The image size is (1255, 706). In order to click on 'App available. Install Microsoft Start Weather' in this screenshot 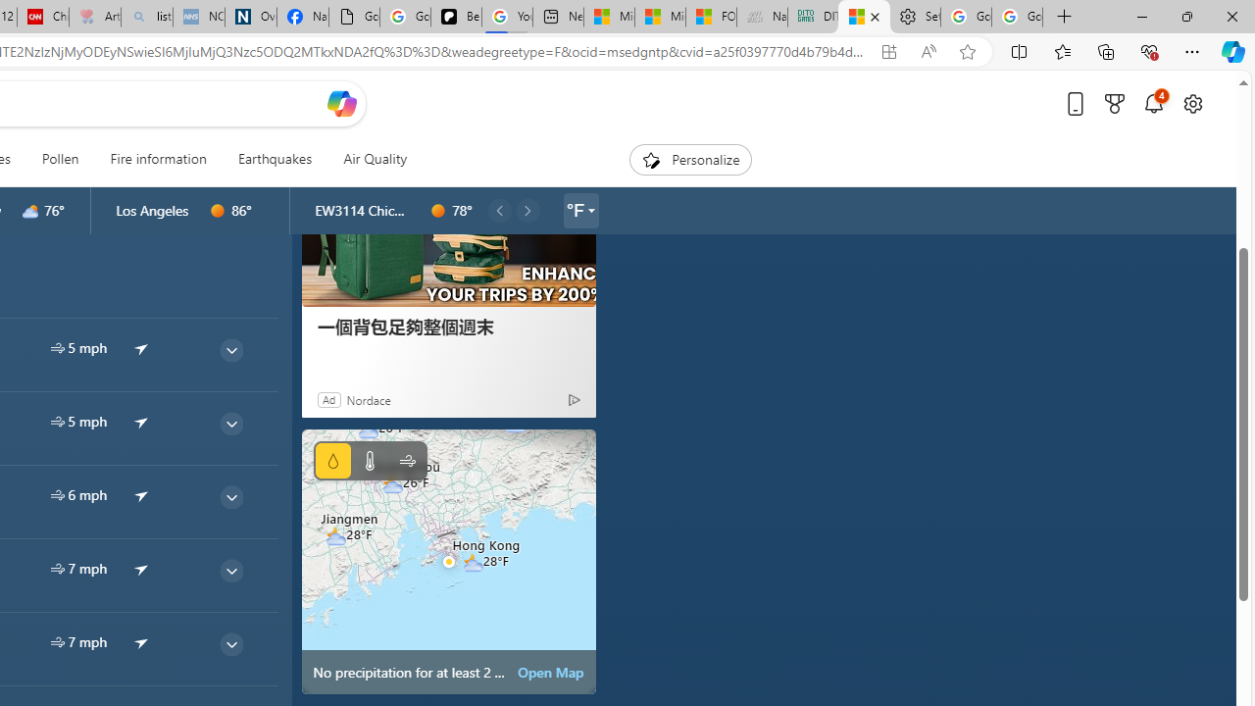, I will do `click(887, 51)`.